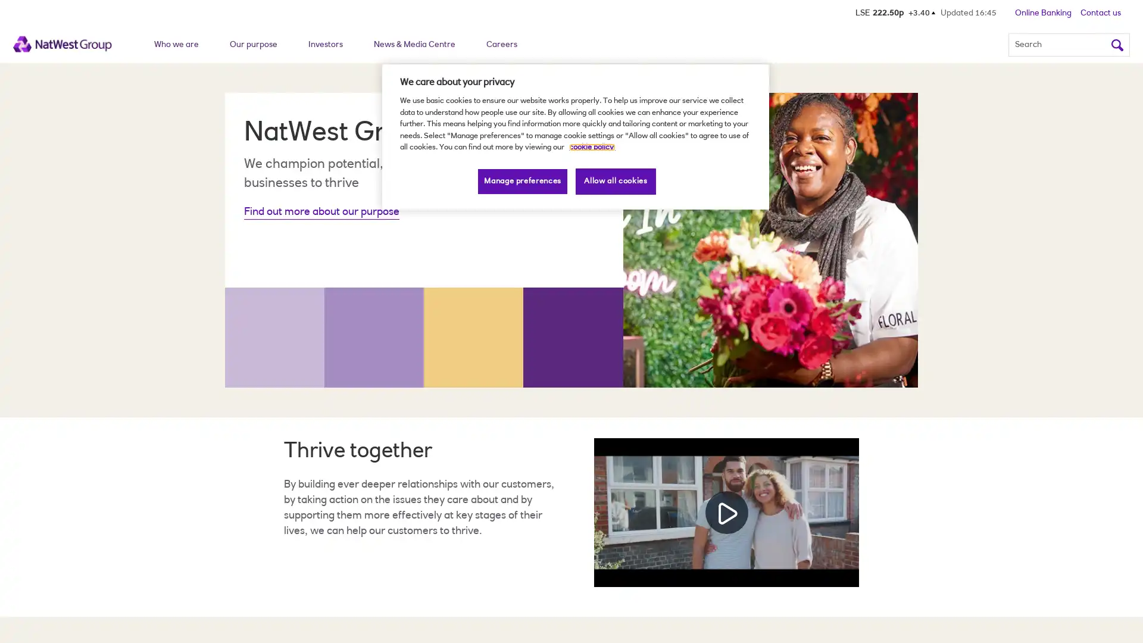  I want to click on Thrive Together, so click(726, 511).